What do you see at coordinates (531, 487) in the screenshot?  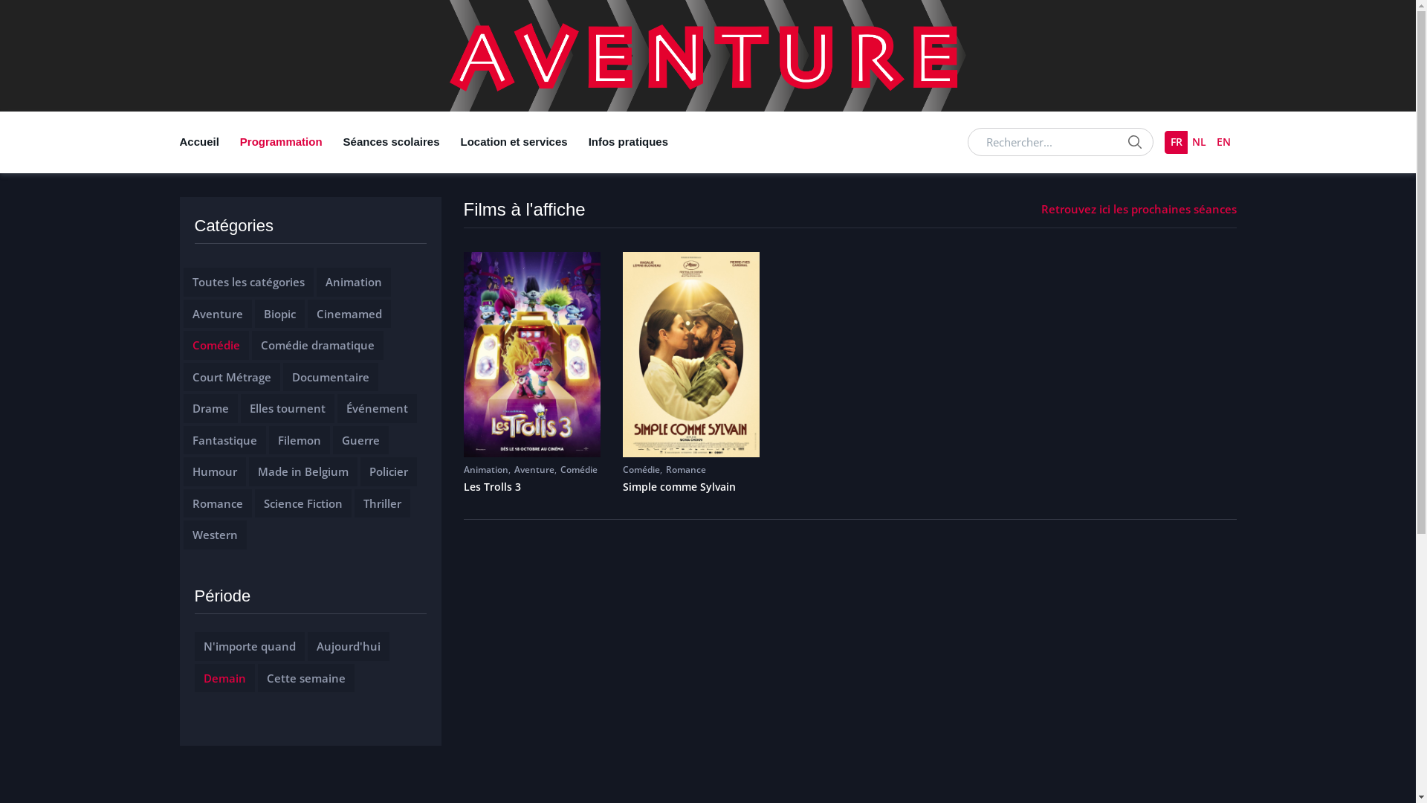 I see `'Les Trolls 3'` at bounding box center [531, 487].